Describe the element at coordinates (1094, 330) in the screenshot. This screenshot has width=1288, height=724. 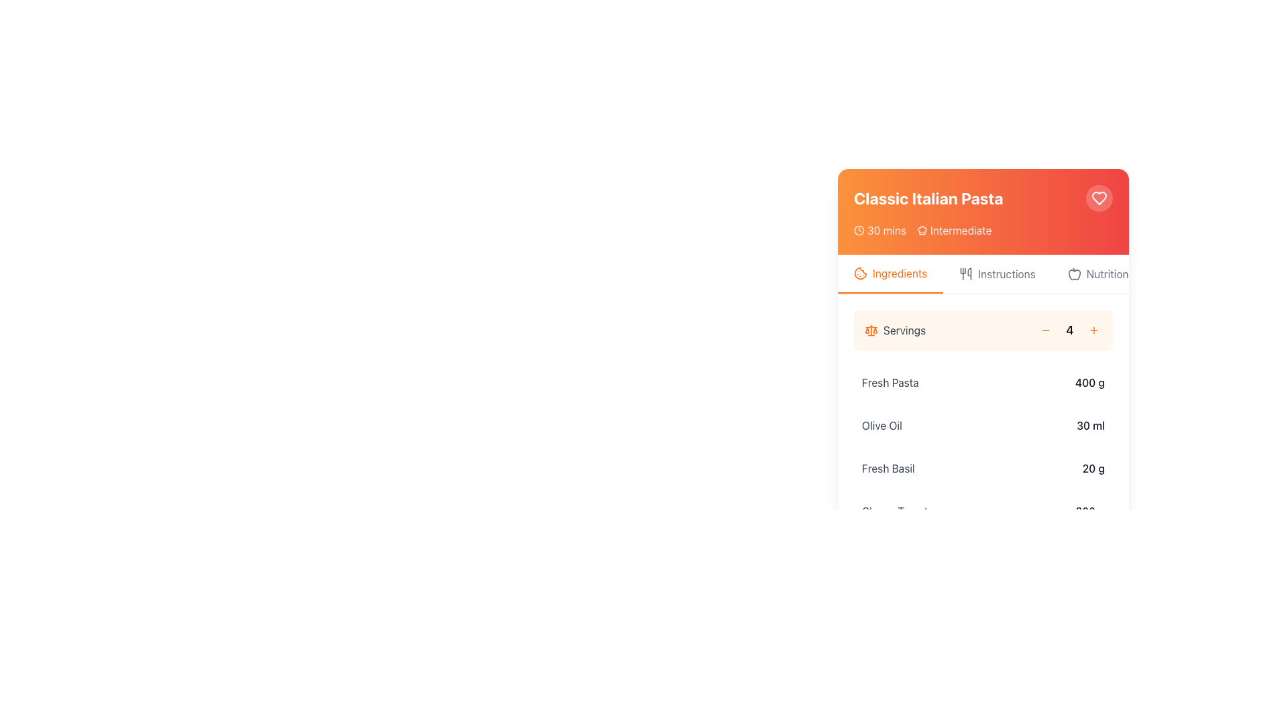
I see `the small, square-shaped button with a '+' symbol located in the 'Servings' section to receive visual feedback` at that location.